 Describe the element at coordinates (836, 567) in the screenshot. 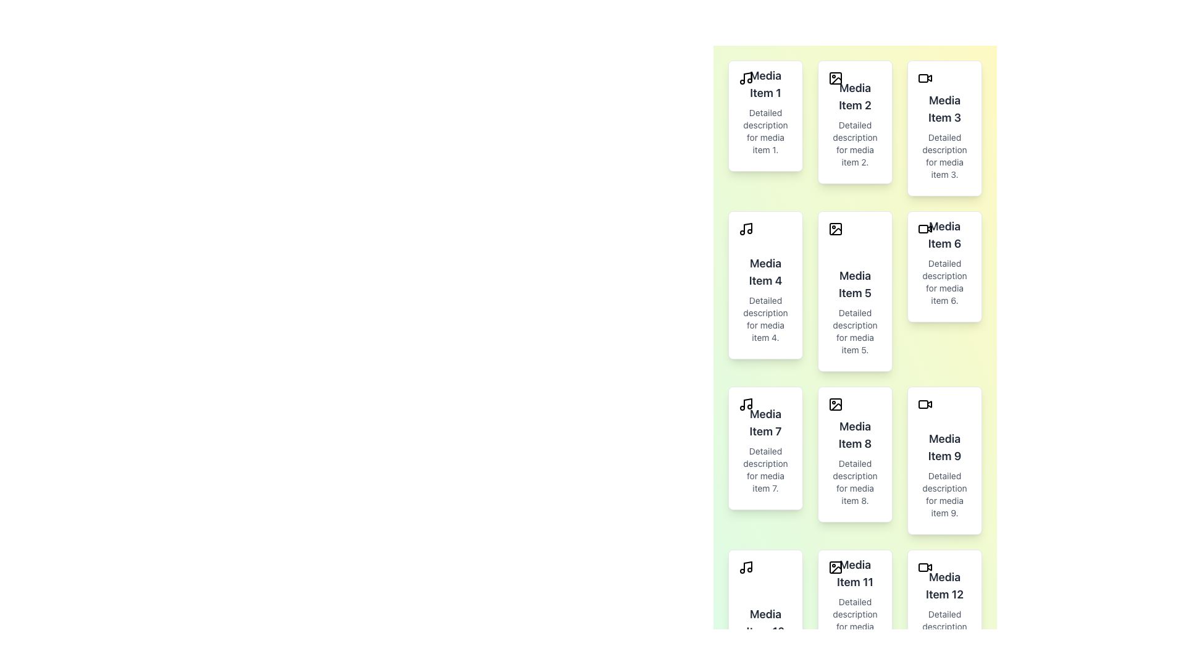

I see `the graphical representation element that serves as a placeholder for an image in the top-left corner of the 'Media Item 11' card located in the lower row of the grid layout` at that location.